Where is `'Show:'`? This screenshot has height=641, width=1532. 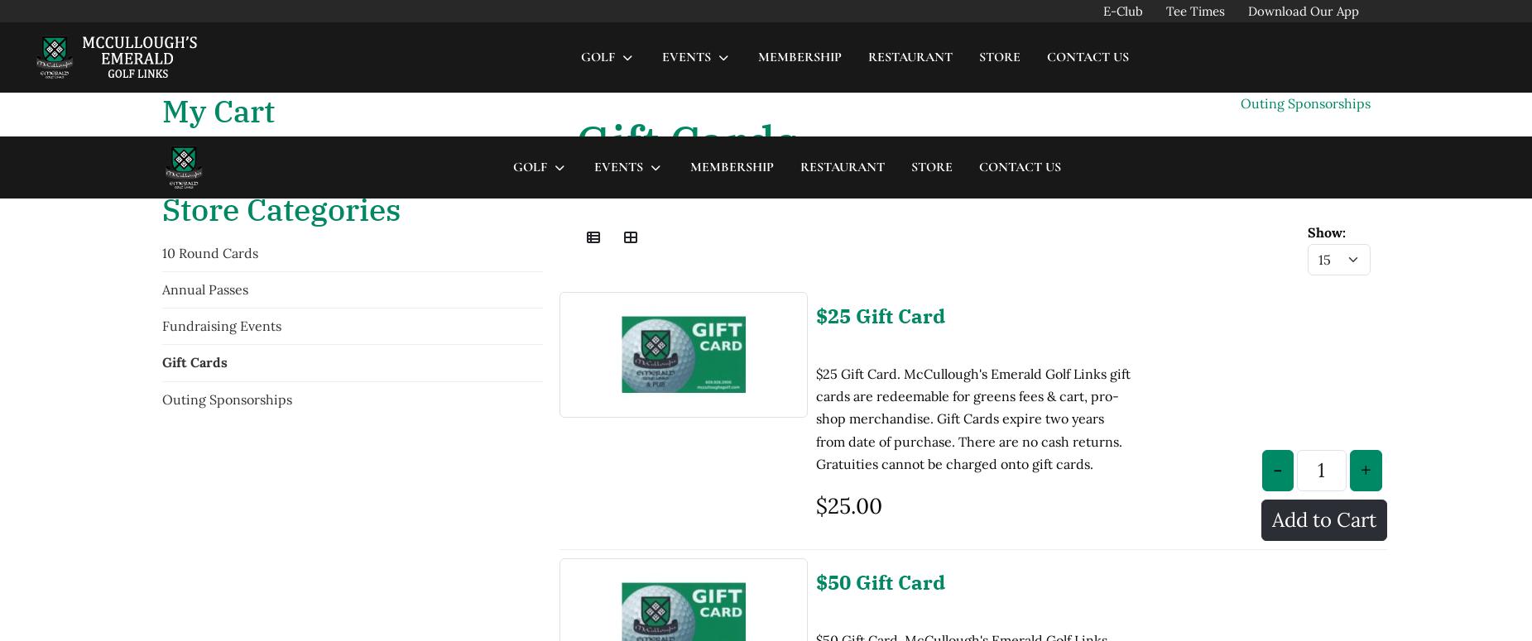
'Show:' is located at coordinates (1307, 95).